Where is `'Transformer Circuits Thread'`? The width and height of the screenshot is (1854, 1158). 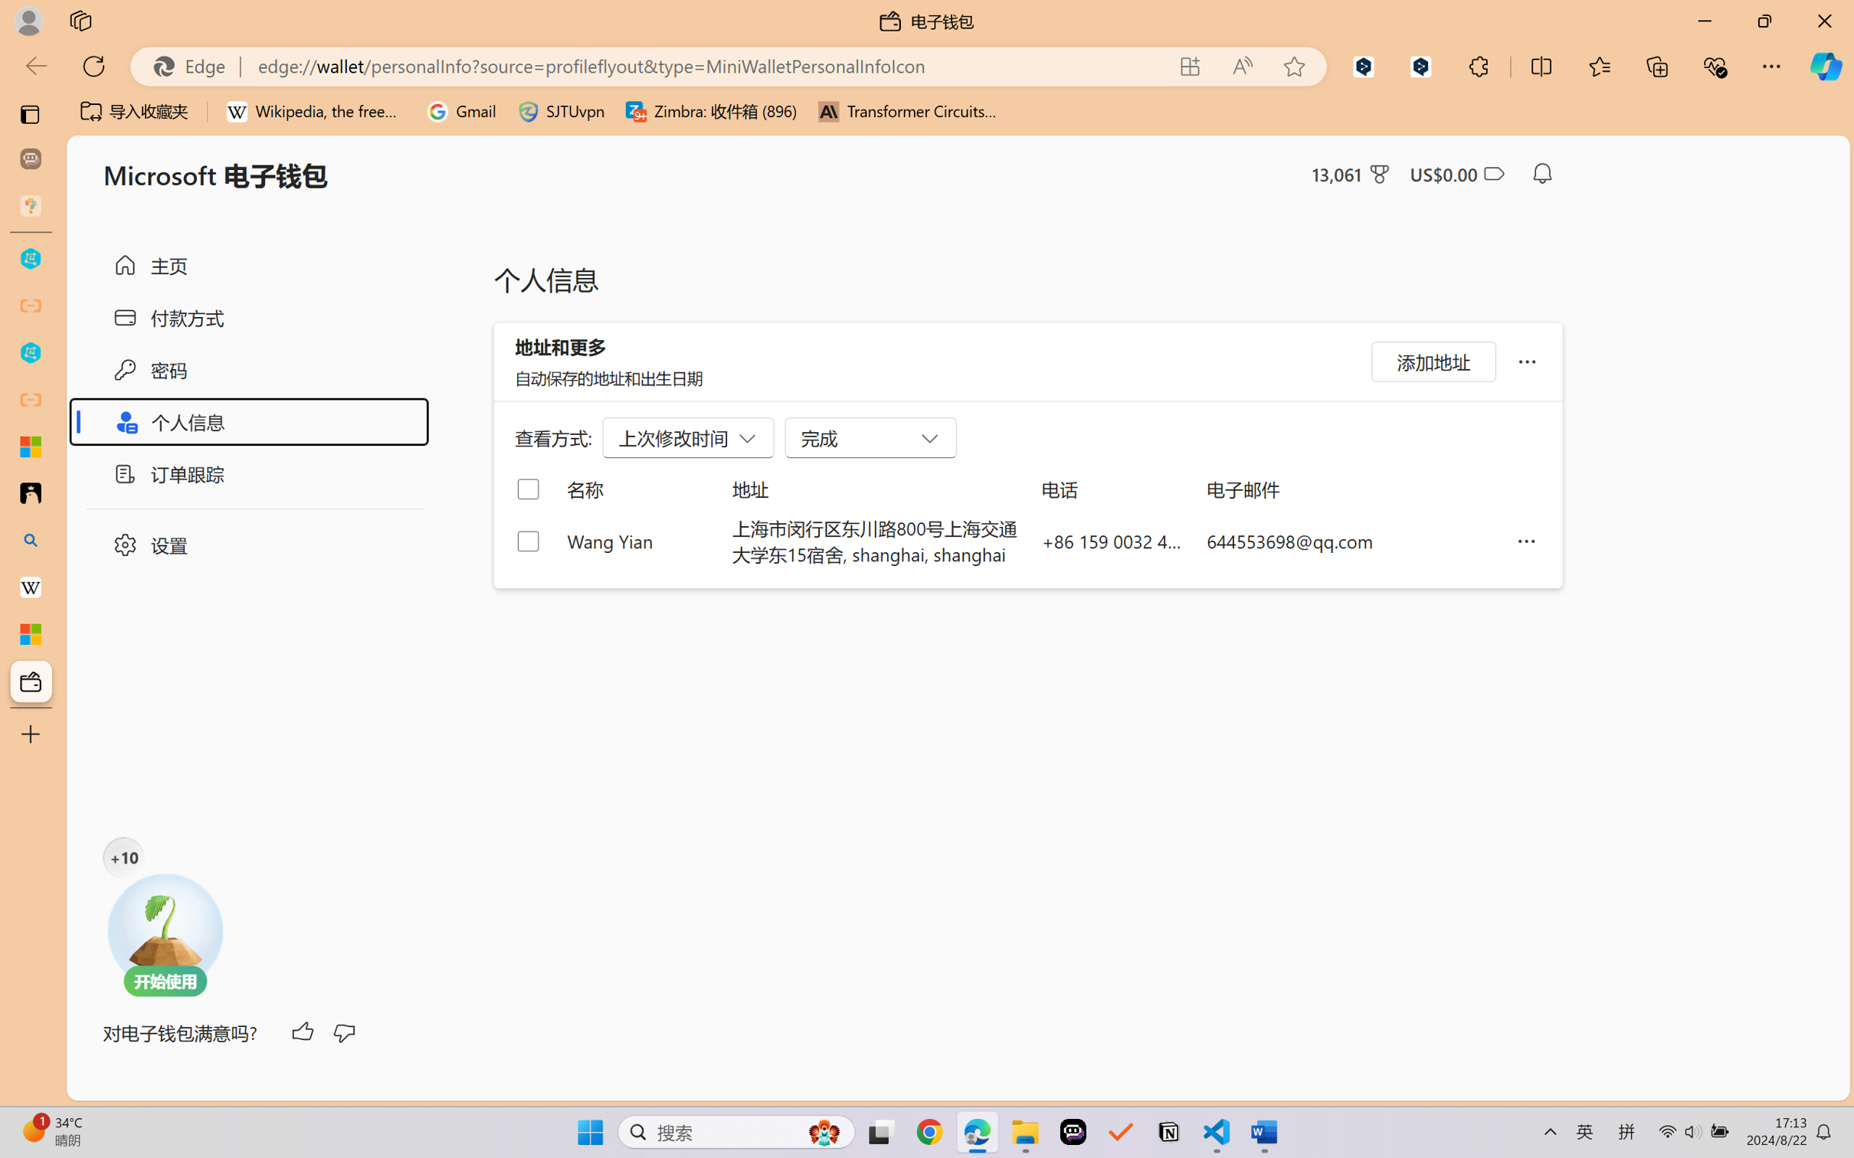 'Transformer Circuits Thread' is located at coordinates (907, 111).